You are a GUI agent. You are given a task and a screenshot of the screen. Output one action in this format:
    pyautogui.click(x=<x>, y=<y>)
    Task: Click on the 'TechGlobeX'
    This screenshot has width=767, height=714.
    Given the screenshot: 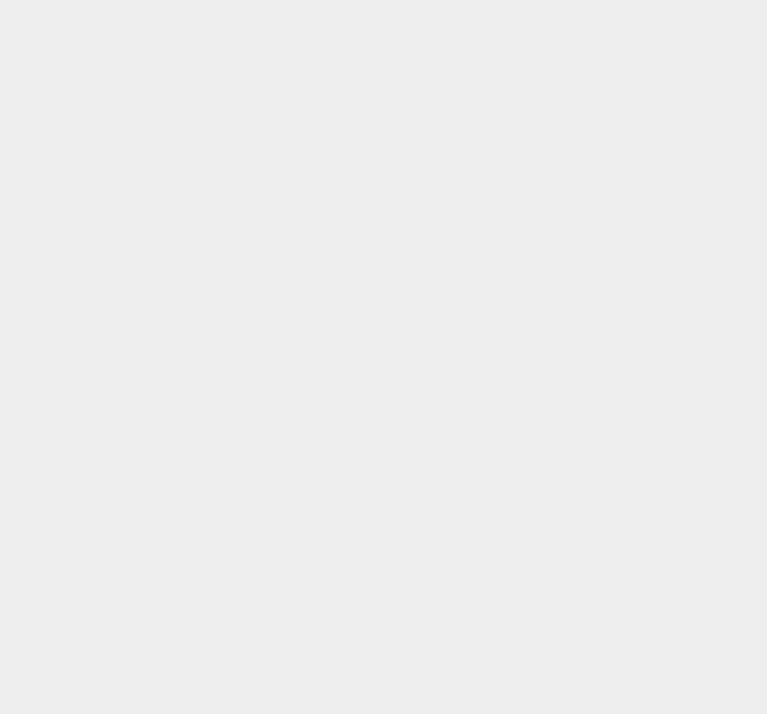 What is the action you would take?
    pyautogui.click(x=542, y=437)
    